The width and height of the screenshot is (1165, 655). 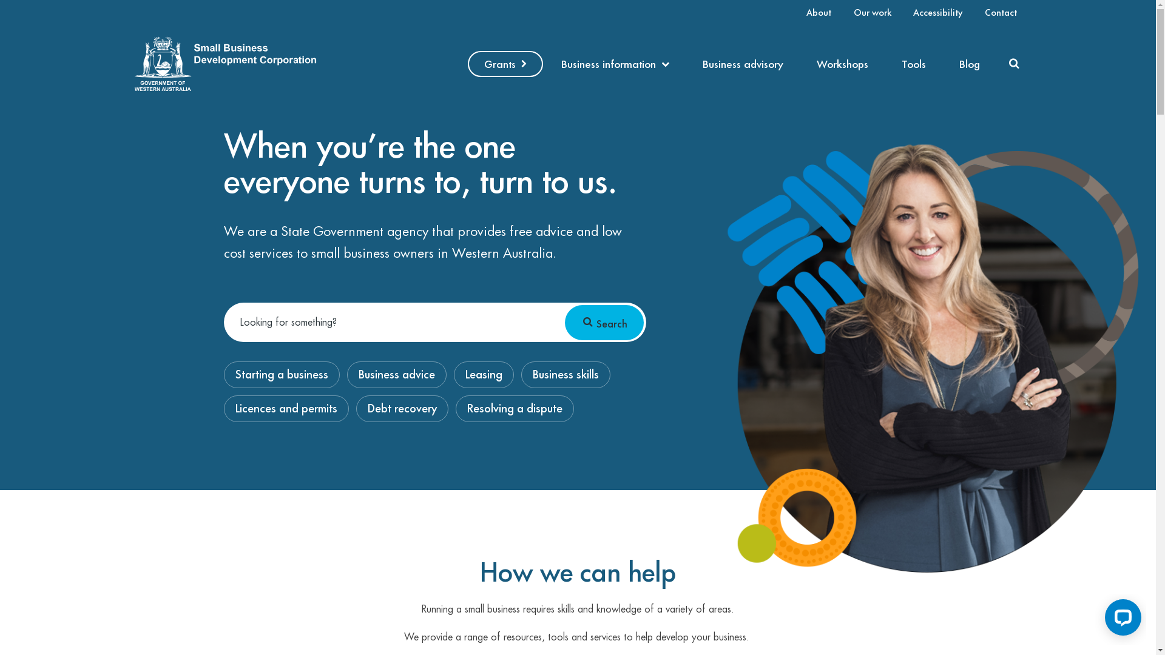 What do you see at coordinates (456, 409) in the screenshot?
I see `'Resolving a dispute'` at bounding box center [456, 409].